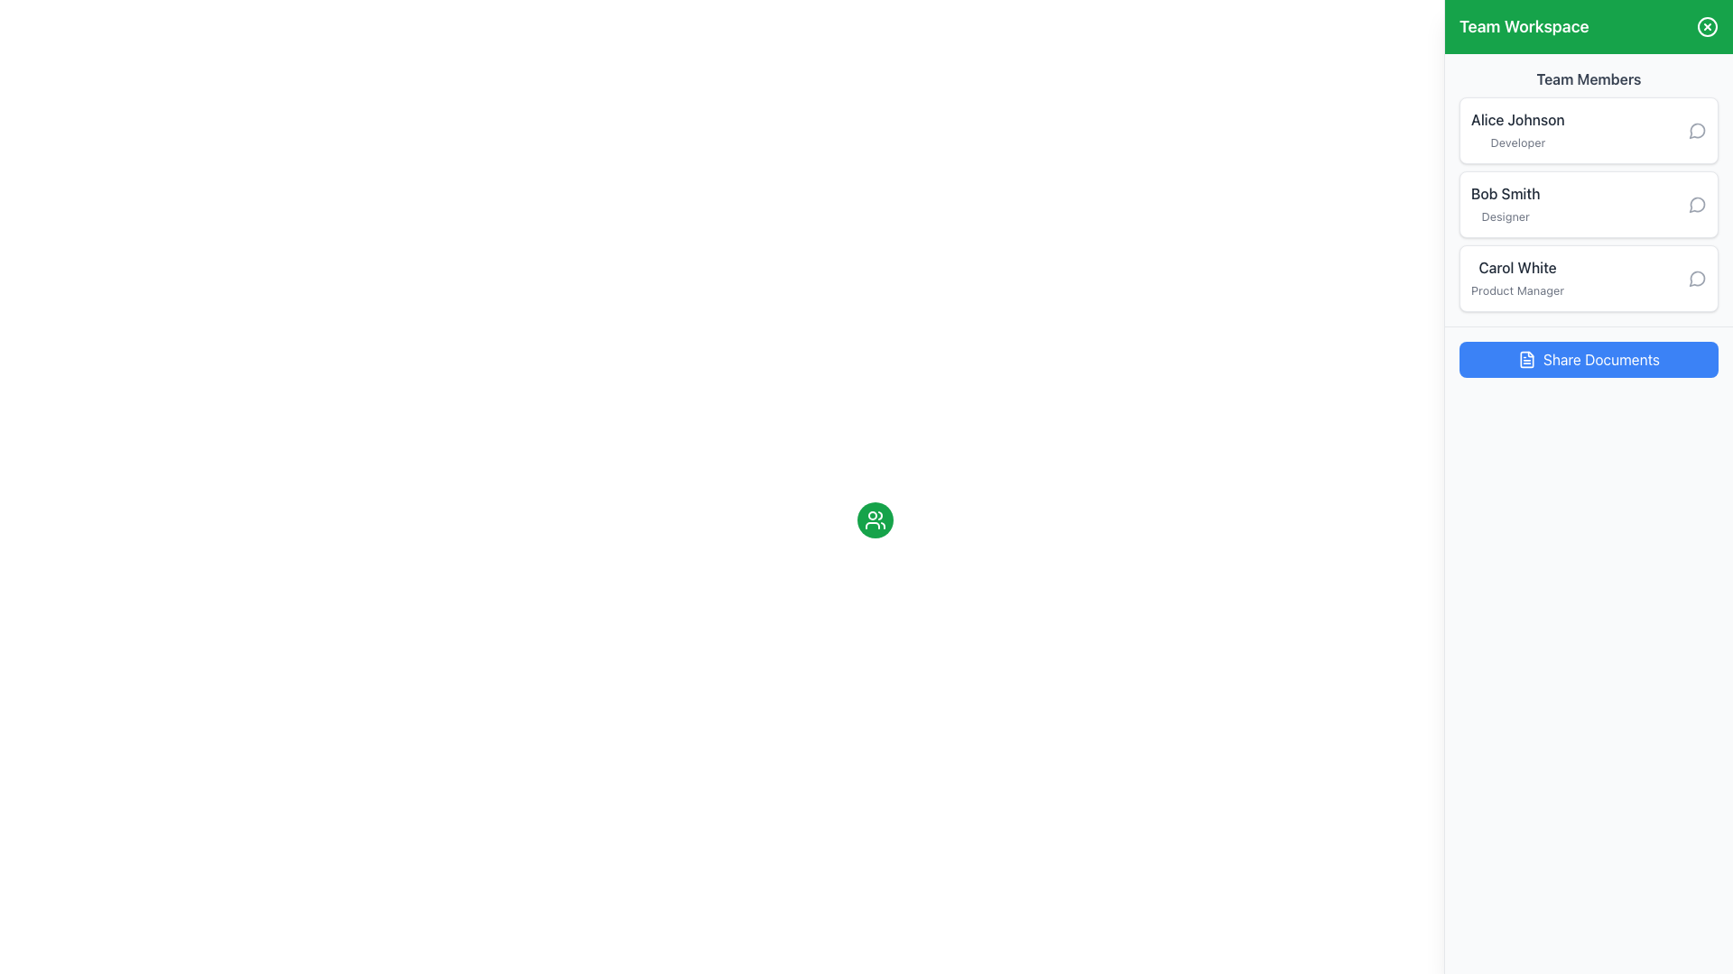  I want to click on the document icon associated with the 'Share Documents' button located in the 'Team Workspace' panel on the right, which is represented by a rectangular outline with a folded upper-right corner, so click(1525, 359).